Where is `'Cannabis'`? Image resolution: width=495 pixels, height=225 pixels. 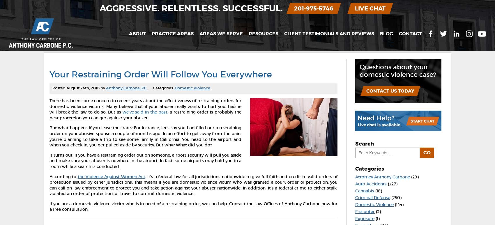 'Cannabis' is located at coordinates (364, 190).